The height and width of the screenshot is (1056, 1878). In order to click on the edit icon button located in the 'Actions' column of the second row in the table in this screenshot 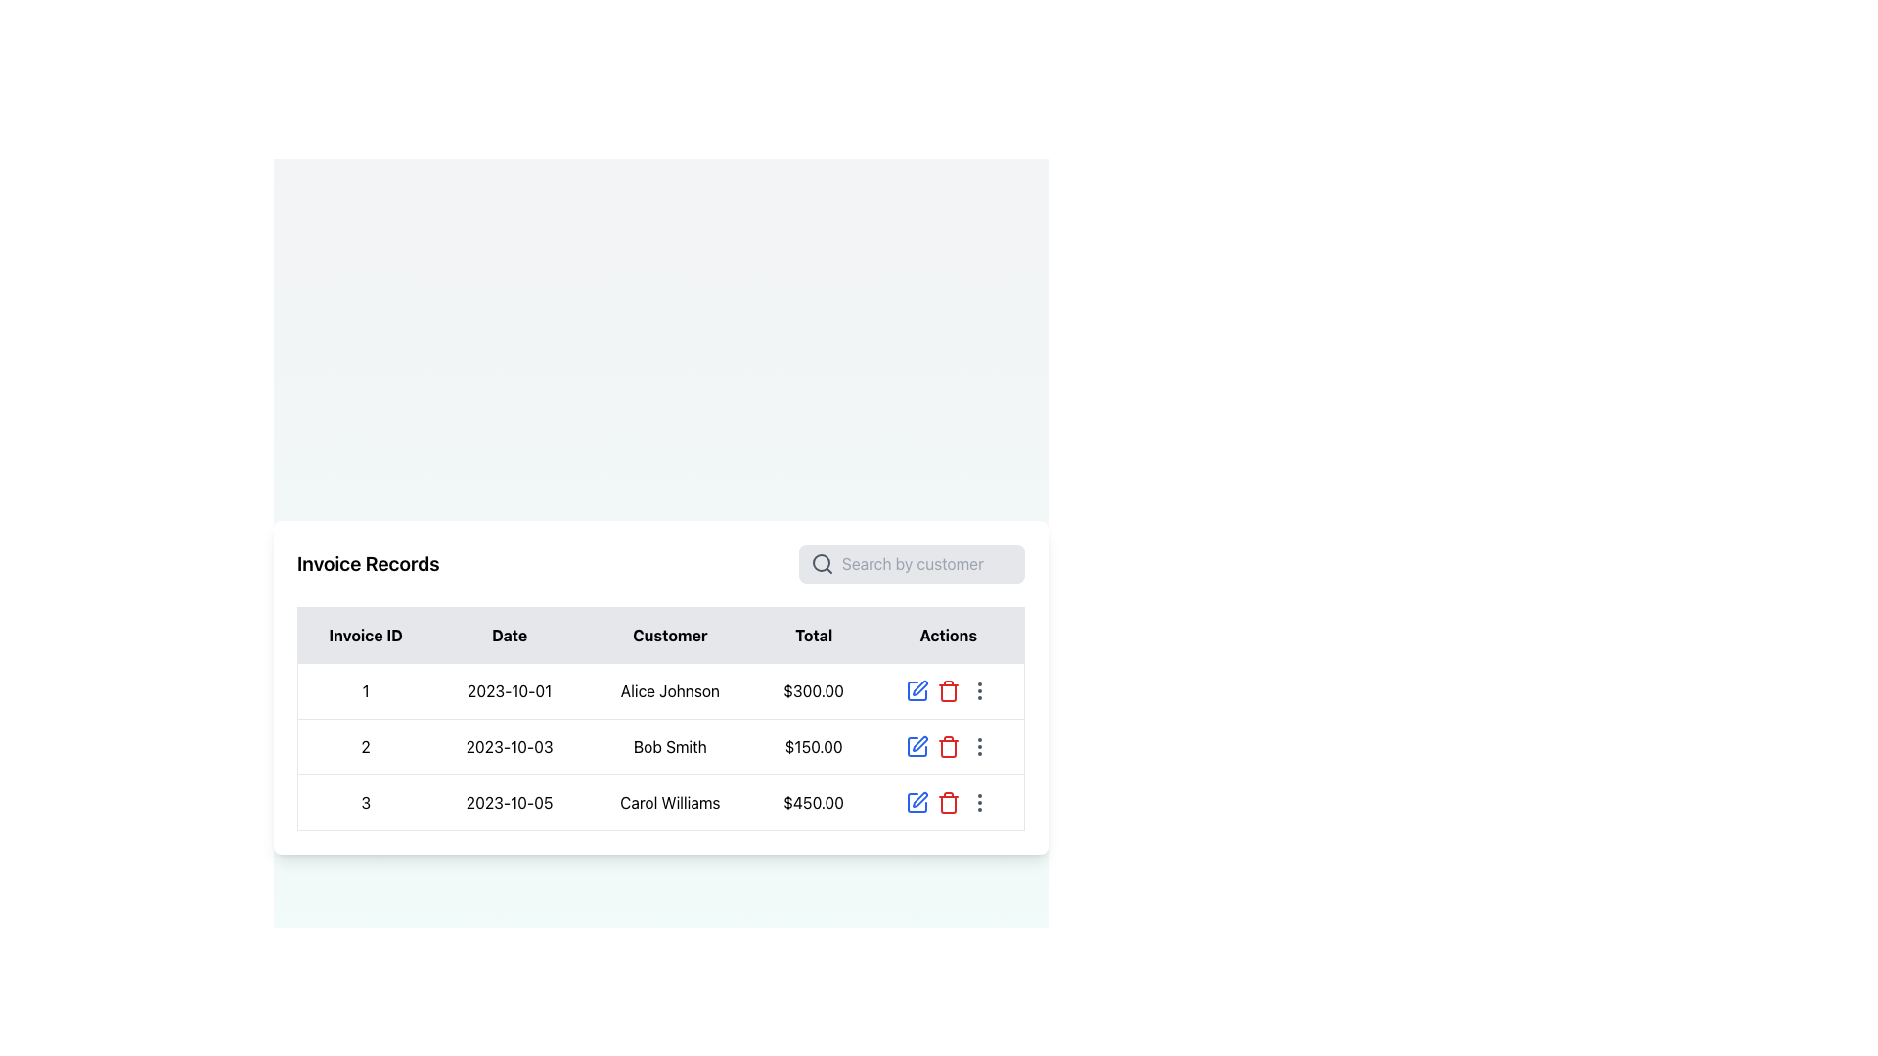, I will do `click(916, 746)`.